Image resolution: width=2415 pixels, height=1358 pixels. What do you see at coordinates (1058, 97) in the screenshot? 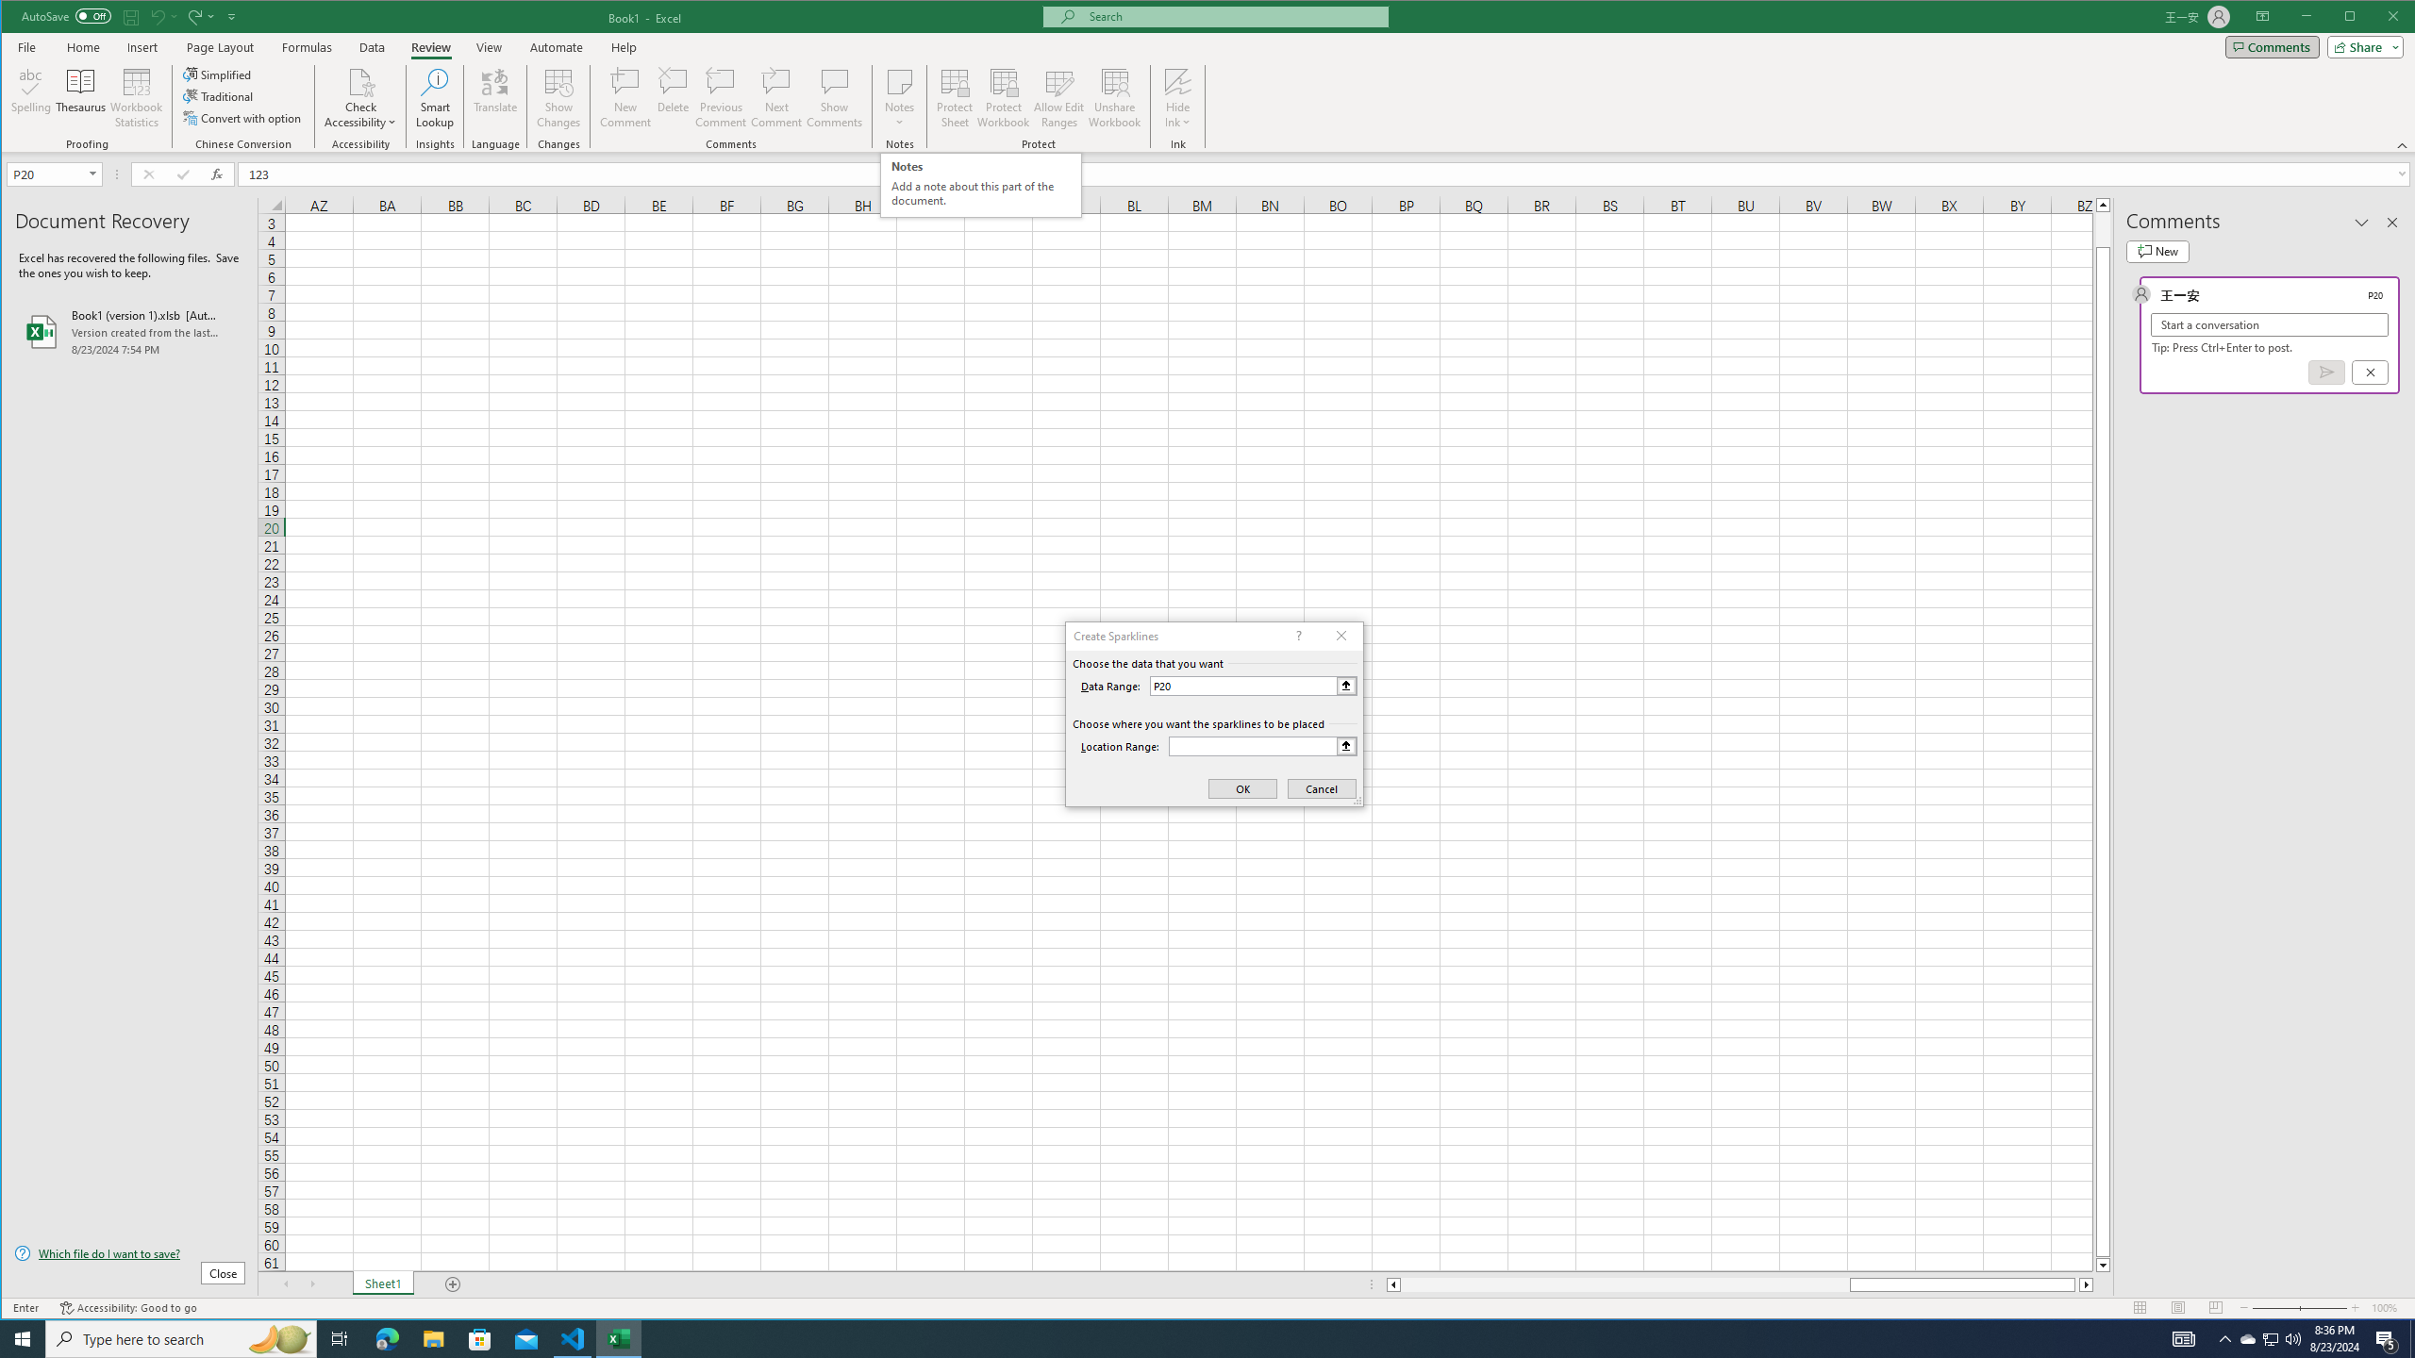
I see `'Allow Edit Ranges'` at bounding box center [1058, 97].